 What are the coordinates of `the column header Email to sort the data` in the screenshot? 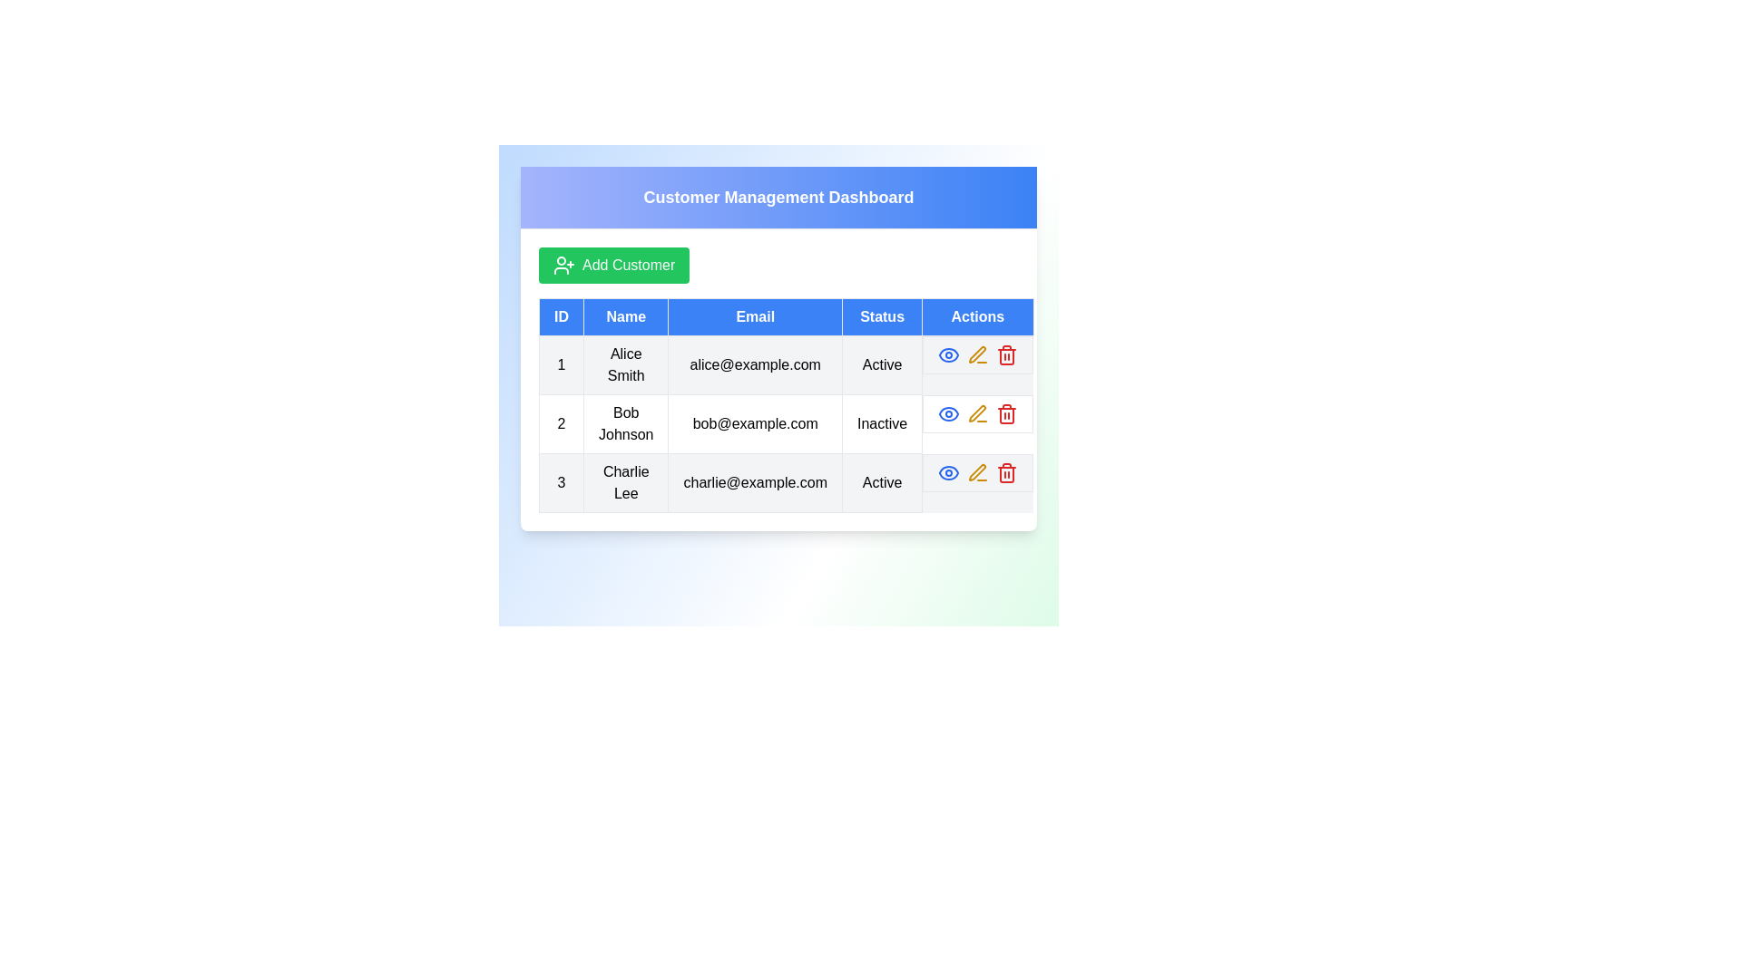 It's located at (756, 316).